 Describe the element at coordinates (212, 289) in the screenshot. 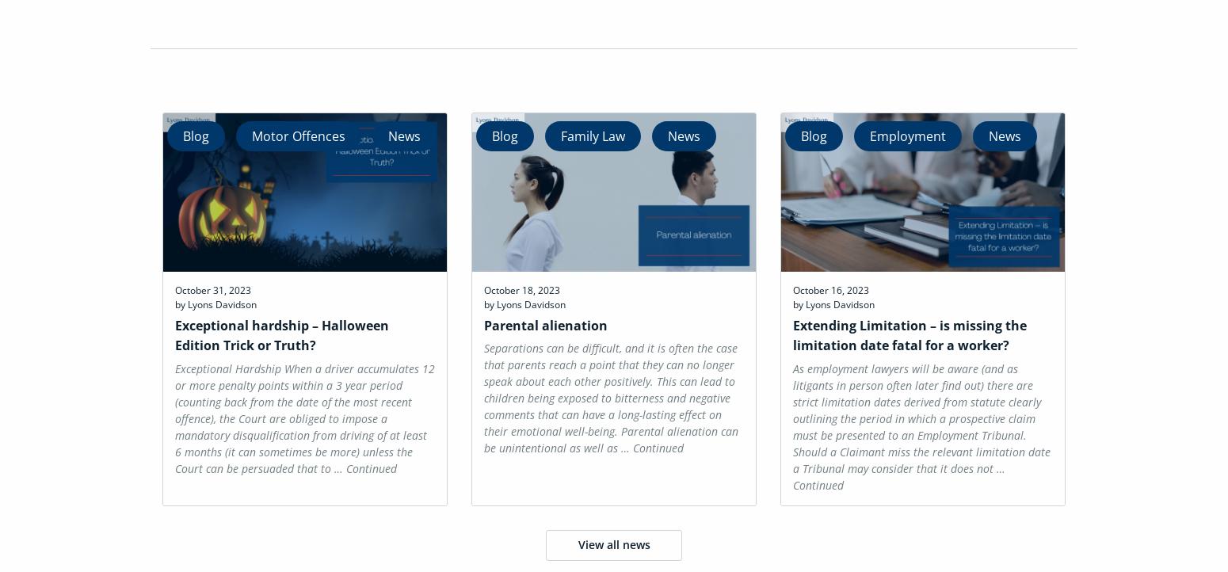

I see `'October 31, 2023'` at that location.